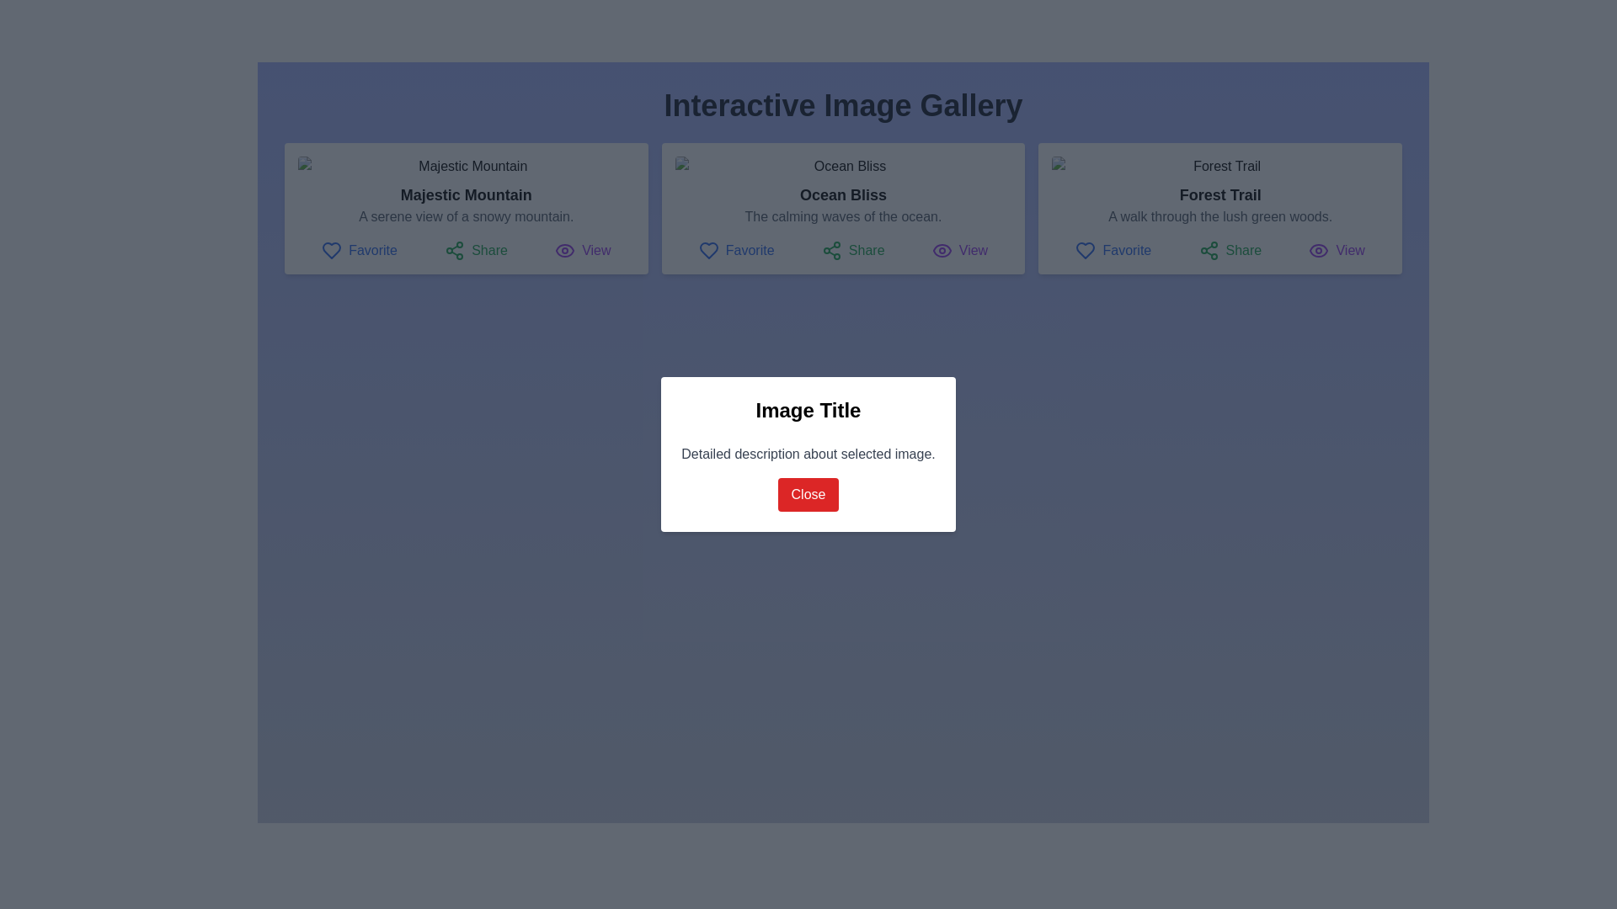 Image resolution: width=1617 pixels, height=909 pixels. Describe the element at coordinates (1220, 250) in the screenshot. I see `the horizontal action button group located at the bottom of the 'Forest Trail' card` at that location.